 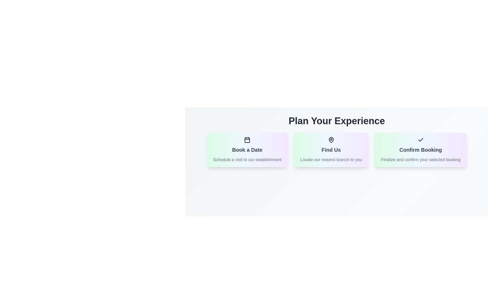 What do you see at coordinates (421, 139) in the screenshot?
I see `the checkmark icon located at the top center of the rightmost card under the title 'Confirm Booking', which has a simple black outline resembling a tick mark` at bounding box center [421, 139].